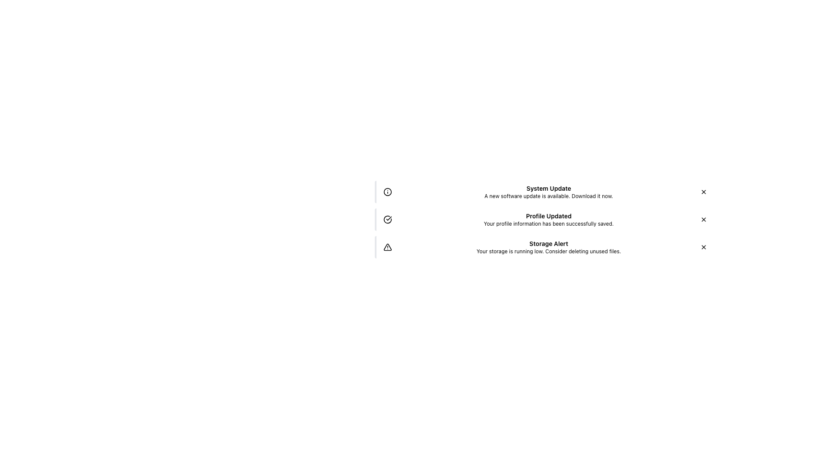 The height and width of the screenshot is (466, 829). What do you see at coordinates (387, 191) in the screenshot?
I see `the icon representing the 'System Update' alert located to the left of the 'System Update' text block` at bounding box center [387, 191].